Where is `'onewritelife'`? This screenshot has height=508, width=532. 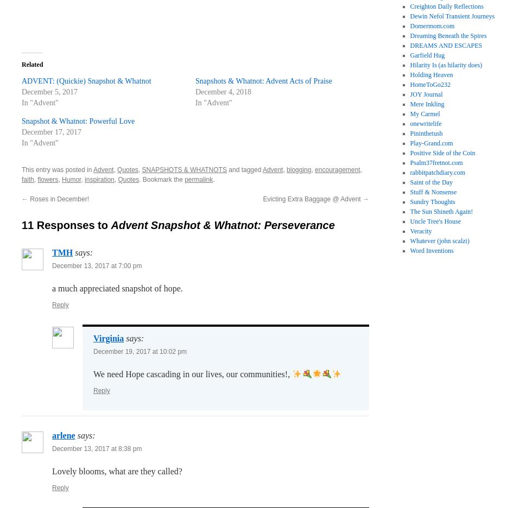
'onewritelife' is located at coordinates (426, 124).